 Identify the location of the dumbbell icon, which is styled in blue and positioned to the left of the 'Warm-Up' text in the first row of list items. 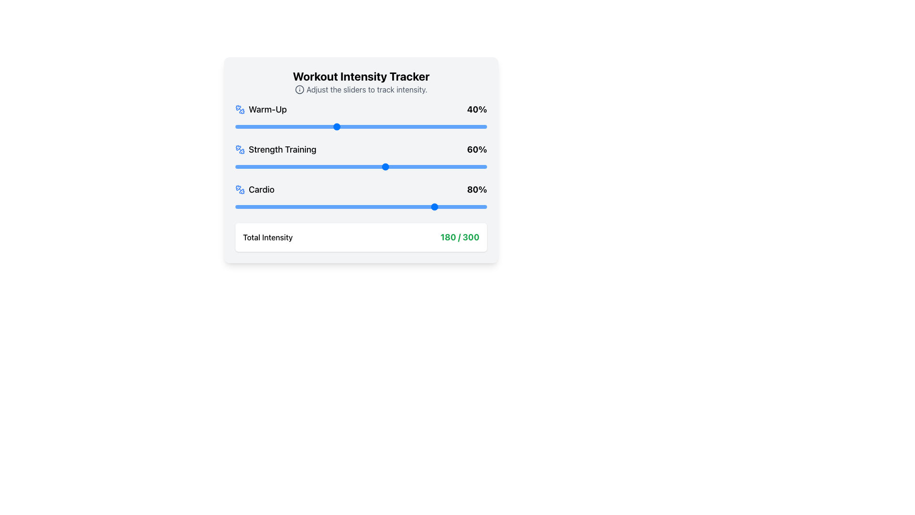
(240, 109).